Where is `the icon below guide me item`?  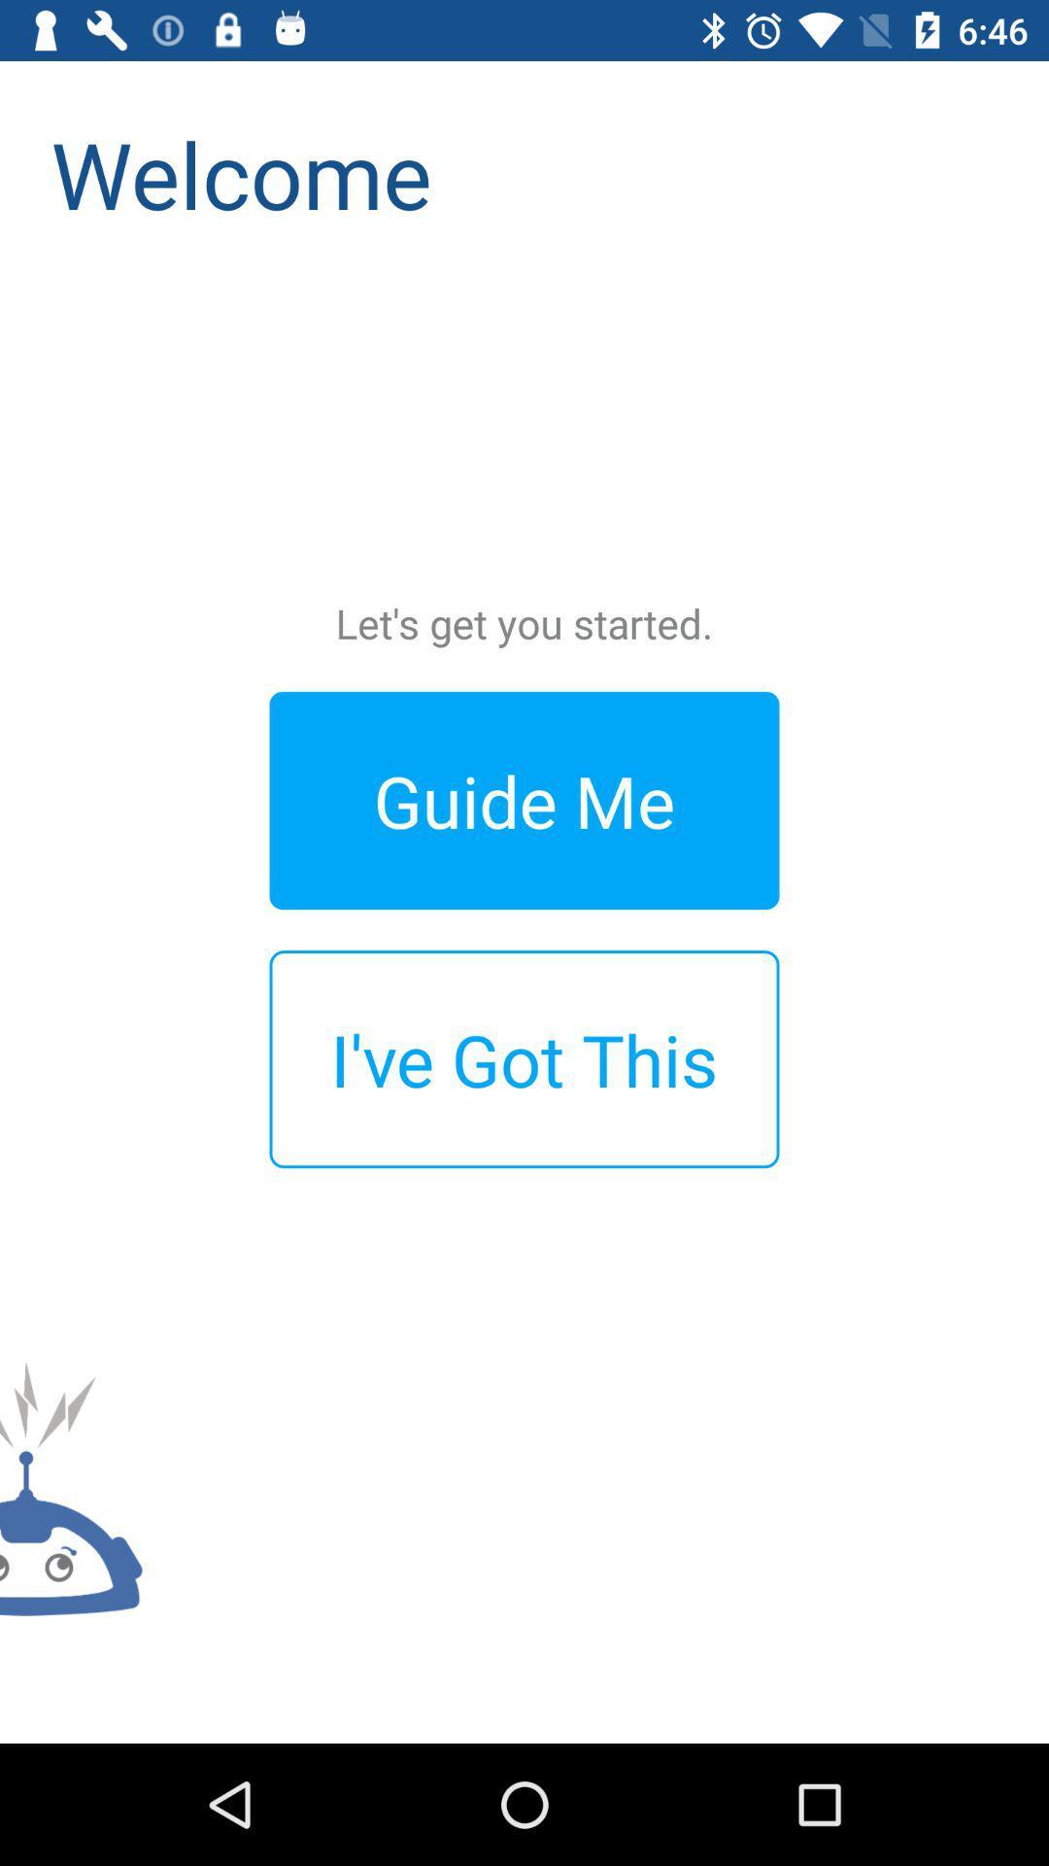 the icon below guide me item is located at coordinates (524, 1058).